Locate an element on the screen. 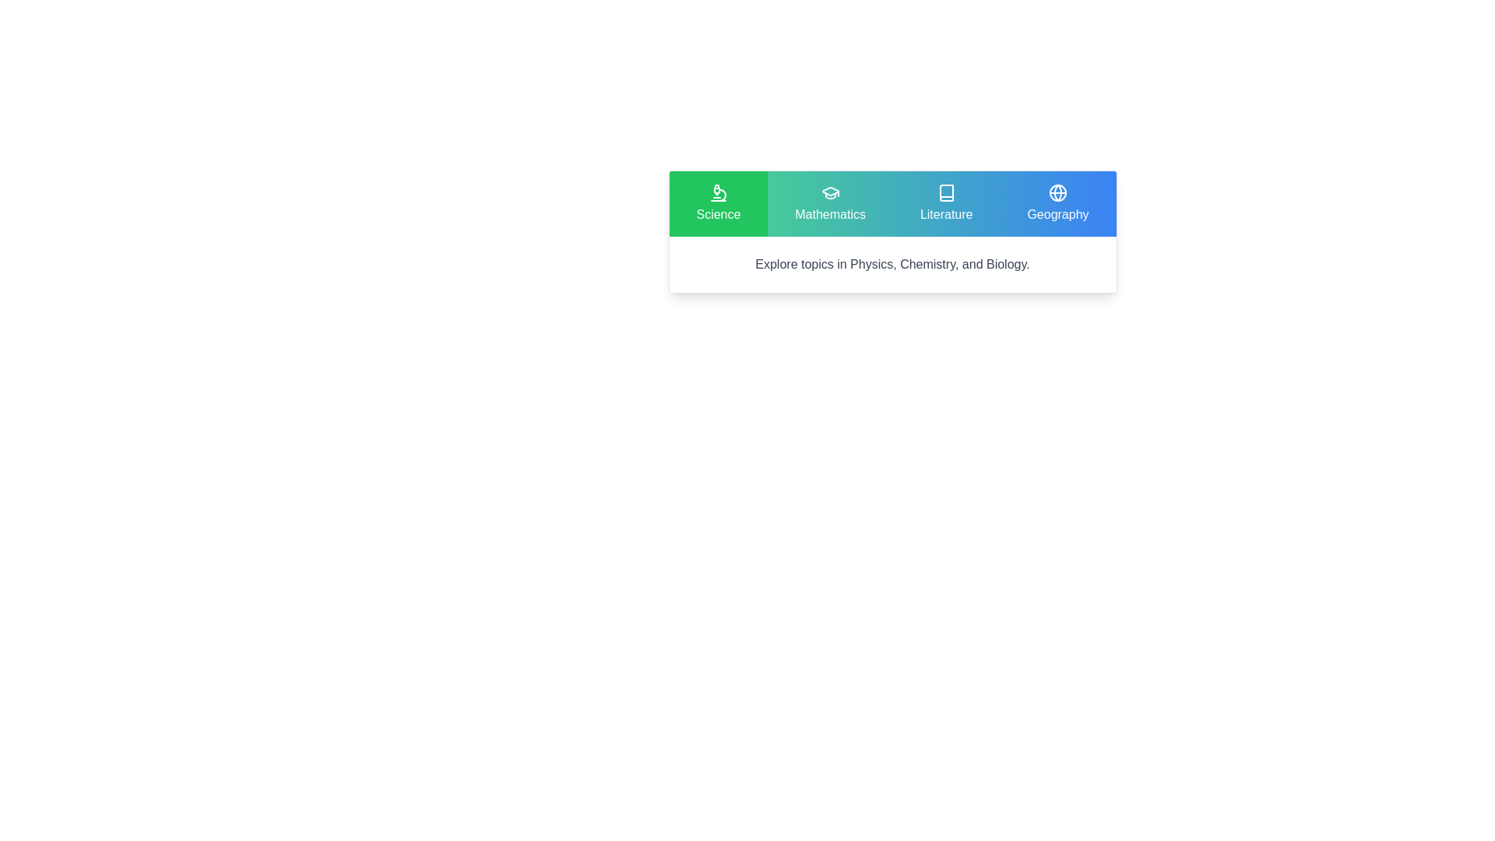 This screenshot has width=1495, height=841. the category in the Card with navigation links and descriptive text is located at coordinates (892, 231).